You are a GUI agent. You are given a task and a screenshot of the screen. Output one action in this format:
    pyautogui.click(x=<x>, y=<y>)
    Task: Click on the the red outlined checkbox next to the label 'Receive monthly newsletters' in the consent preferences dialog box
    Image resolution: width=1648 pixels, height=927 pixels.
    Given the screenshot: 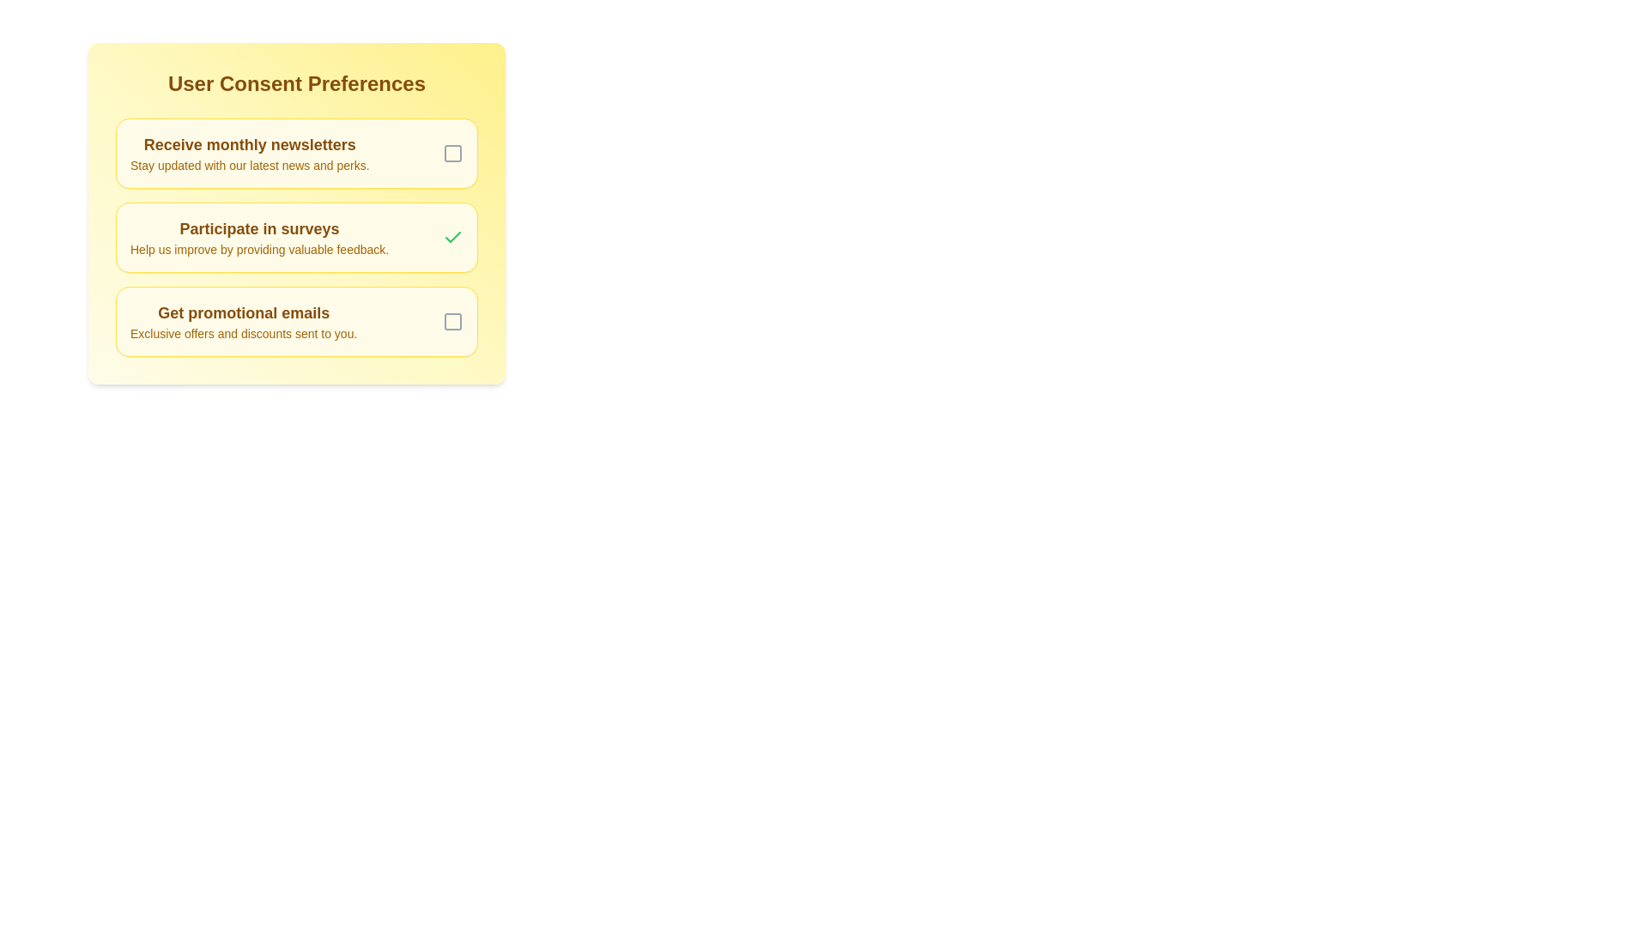 What is the action you would take?
    pyautogui.click(x=453, y=152)
    